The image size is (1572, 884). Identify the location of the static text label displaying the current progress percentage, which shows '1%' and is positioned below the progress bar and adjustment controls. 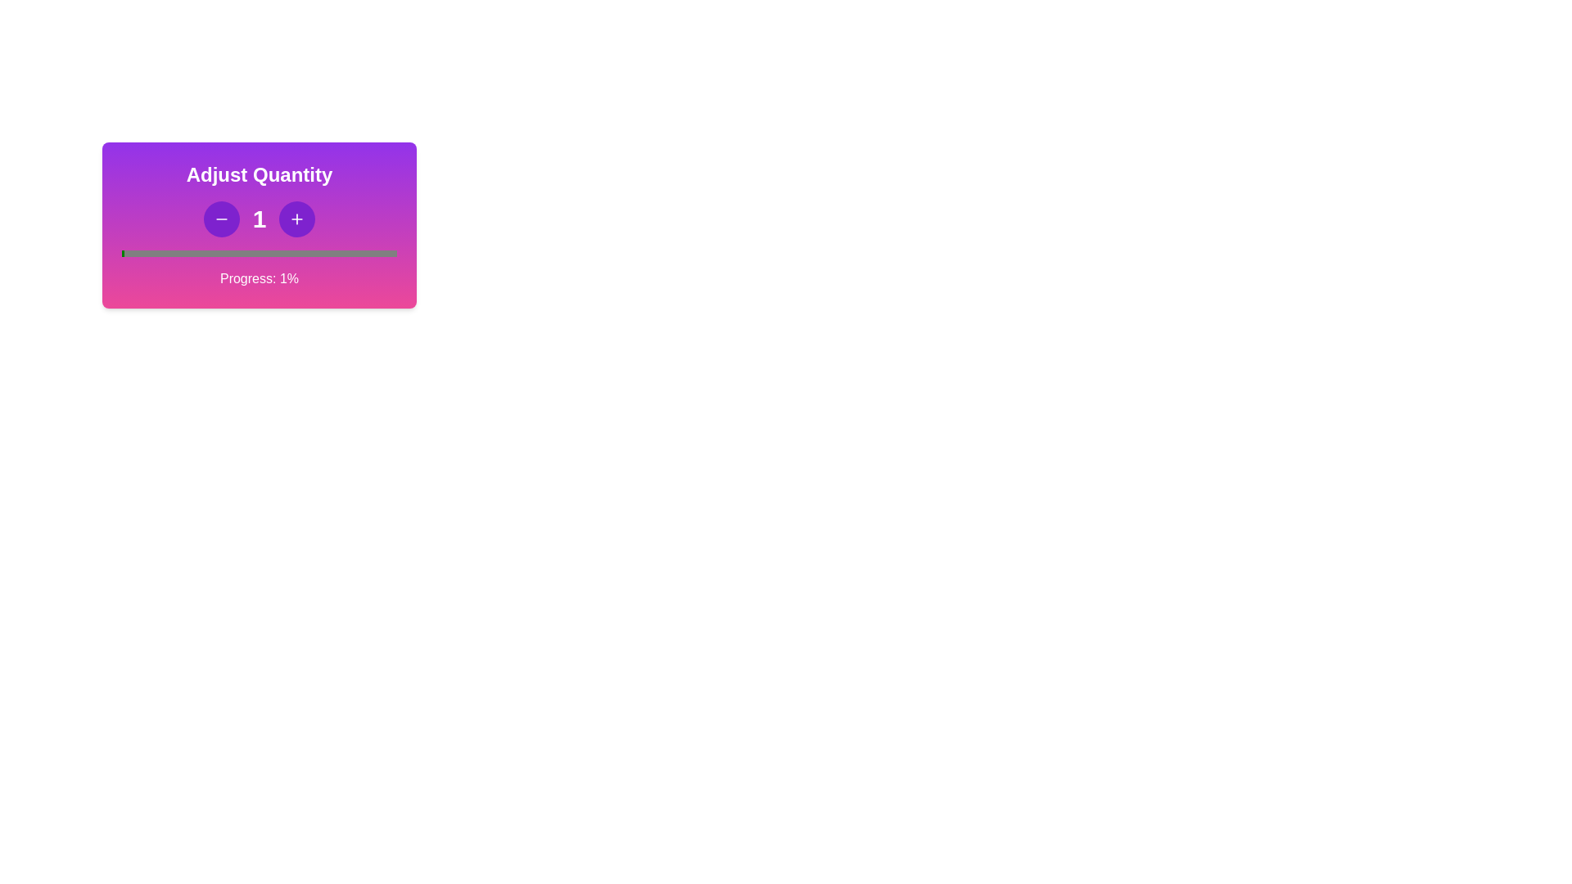
(258, 277).